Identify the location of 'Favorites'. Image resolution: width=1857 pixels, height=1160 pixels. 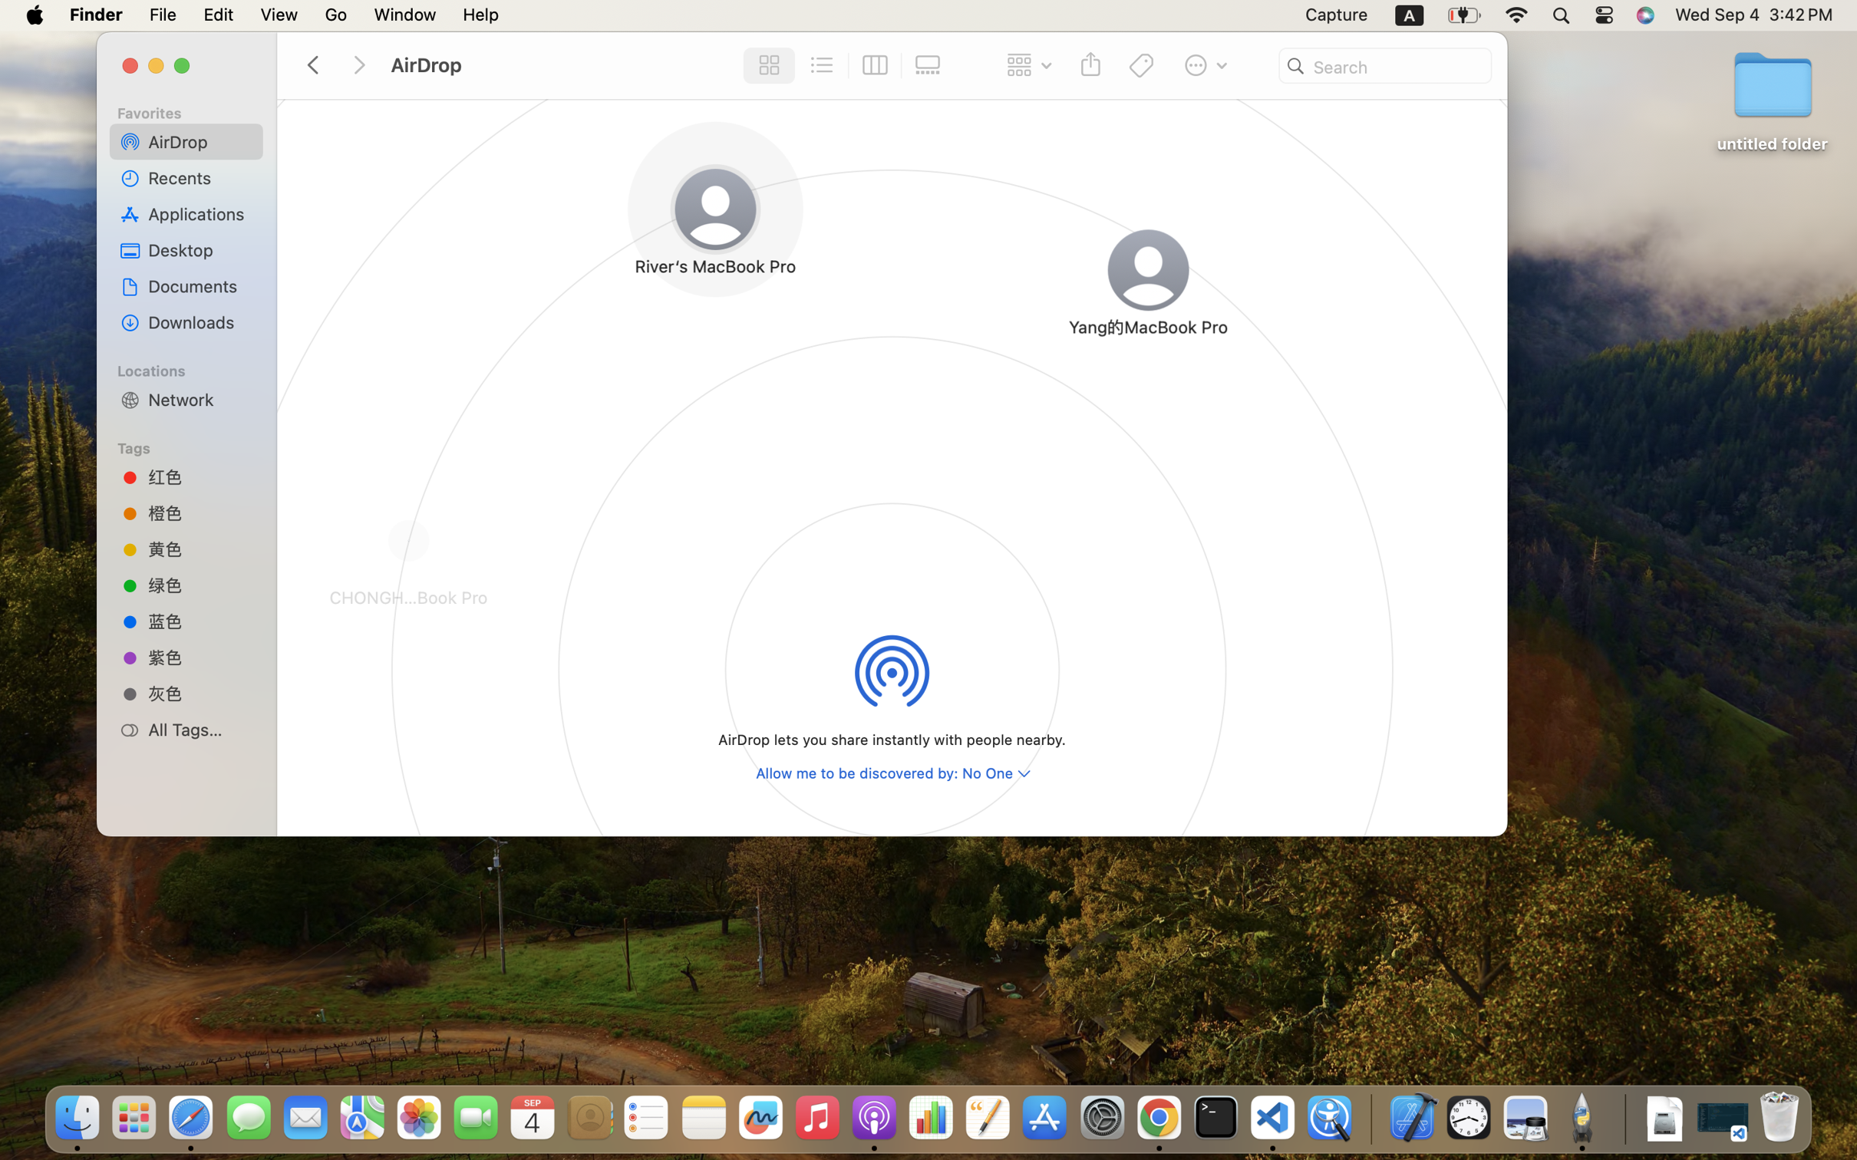
(193, 110).